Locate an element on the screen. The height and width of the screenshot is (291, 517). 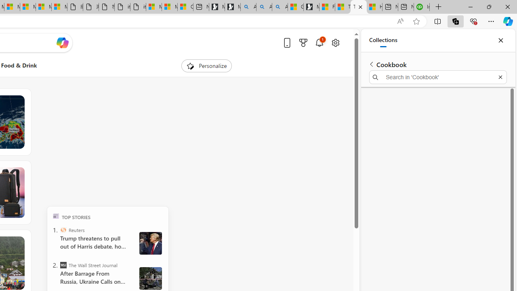
'Food and Drink - MSN' is located at coordinates (327, 7).